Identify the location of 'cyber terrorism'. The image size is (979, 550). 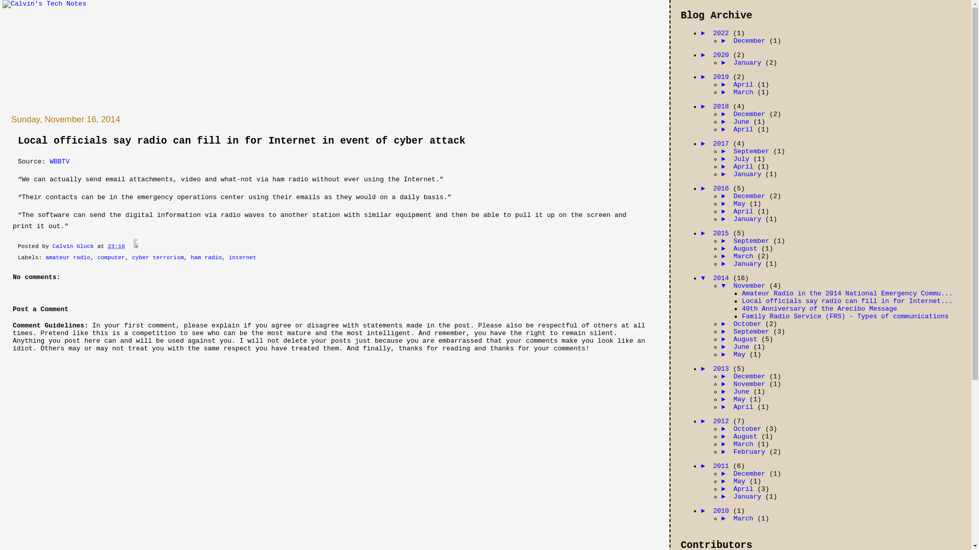
(132, 257).